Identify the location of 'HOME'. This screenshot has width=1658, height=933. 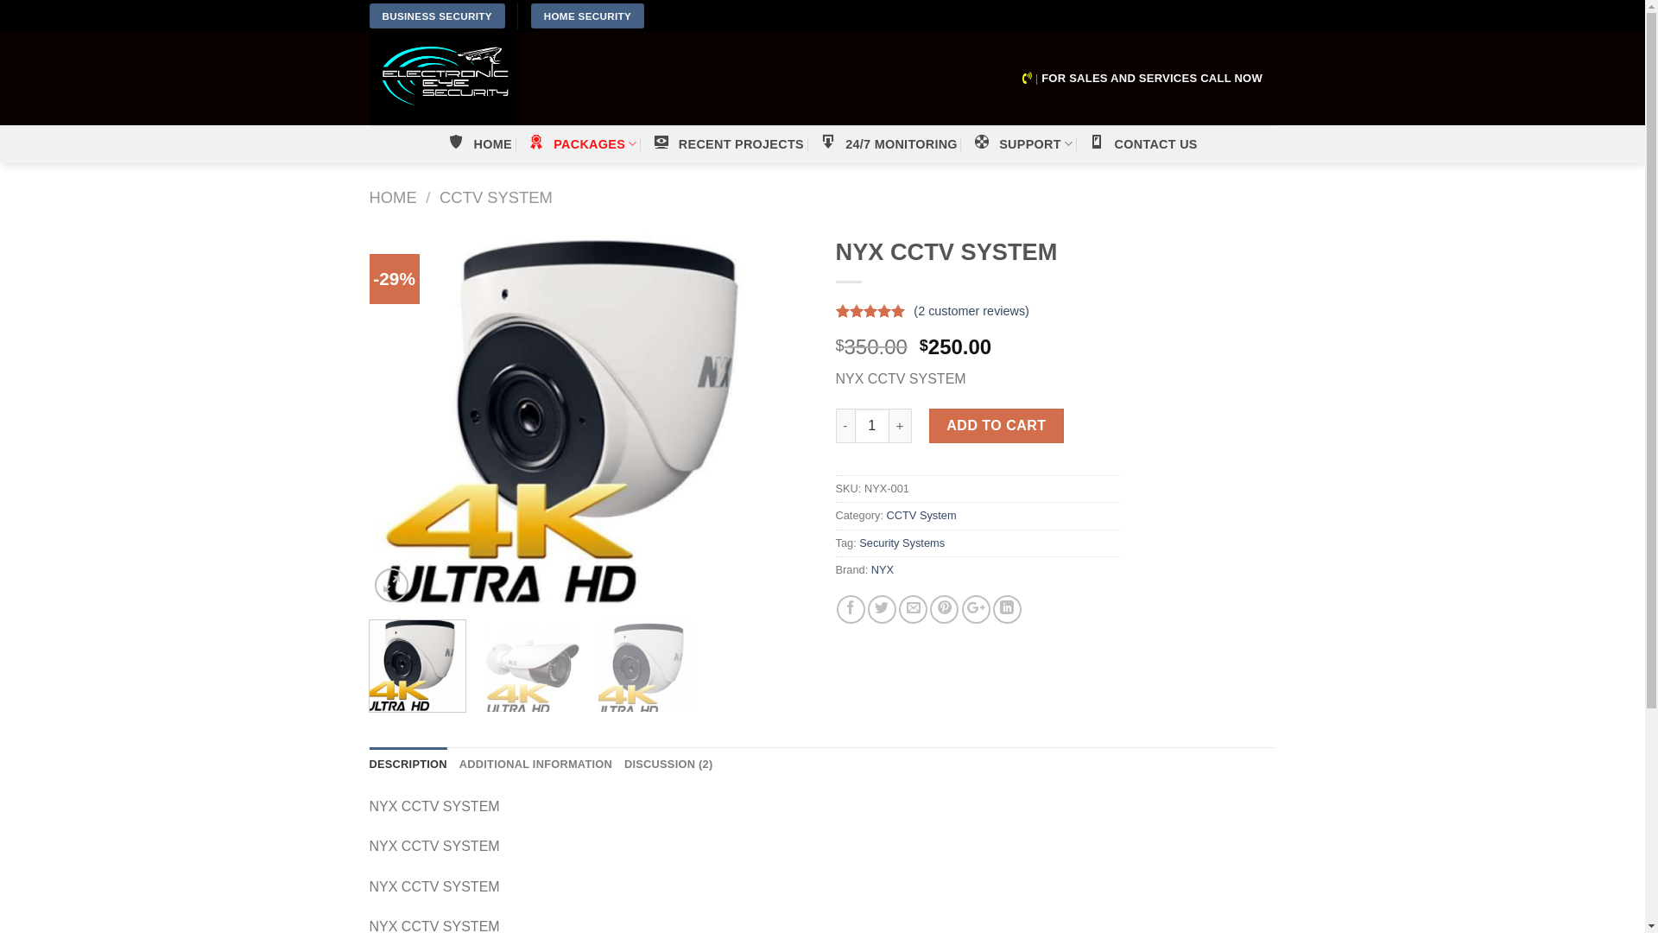
(368, 196).